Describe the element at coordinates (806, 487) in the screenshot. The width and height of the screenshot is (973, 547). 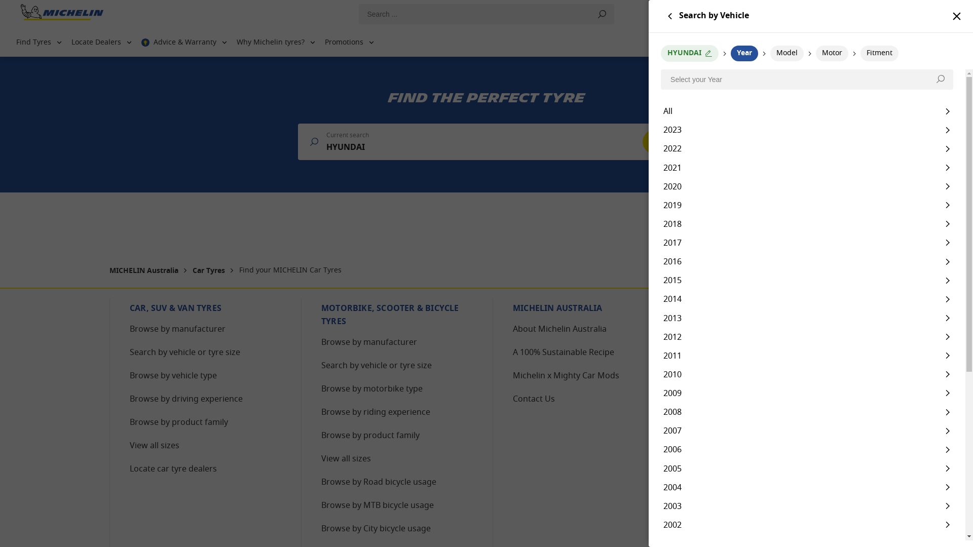
I see `'2004'` at that location.